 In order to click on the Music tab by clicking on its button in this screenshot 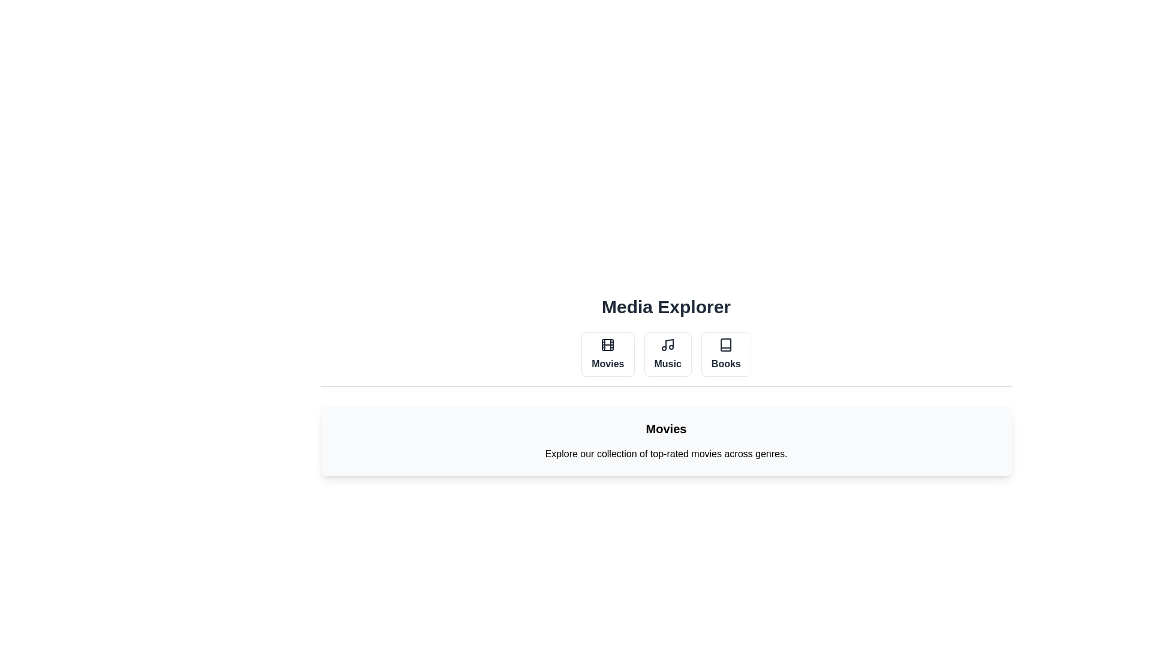, I will do `click(667, 353)`.